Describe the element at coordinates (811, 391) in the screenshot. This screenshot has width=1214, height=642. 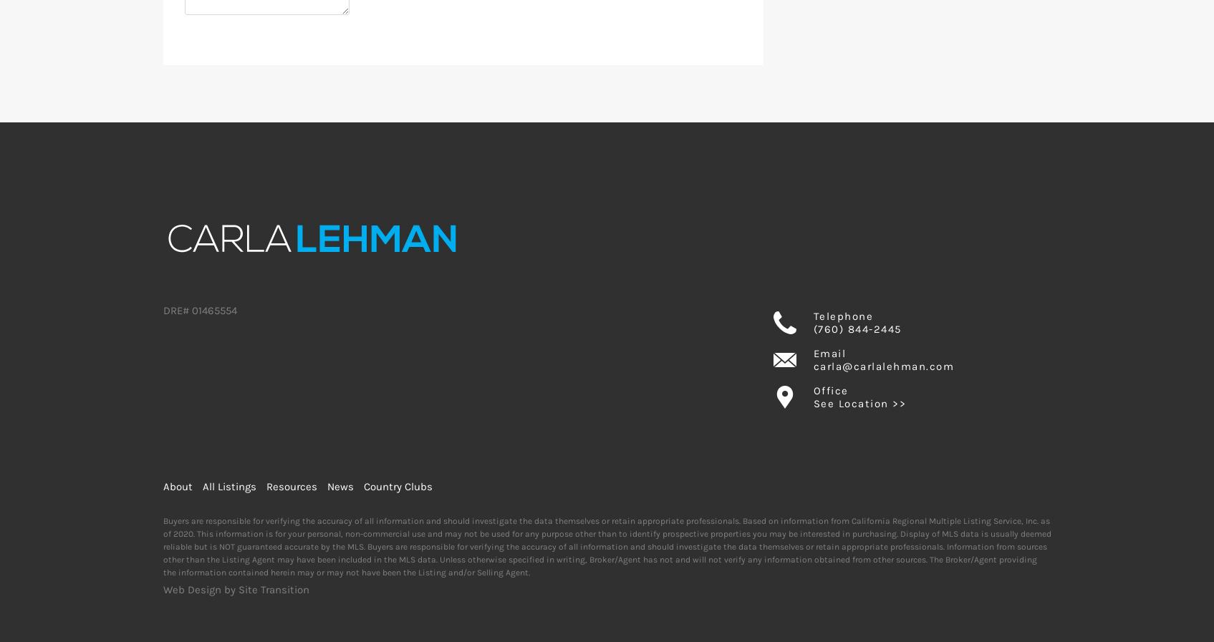
I see `'Office'` at that location.